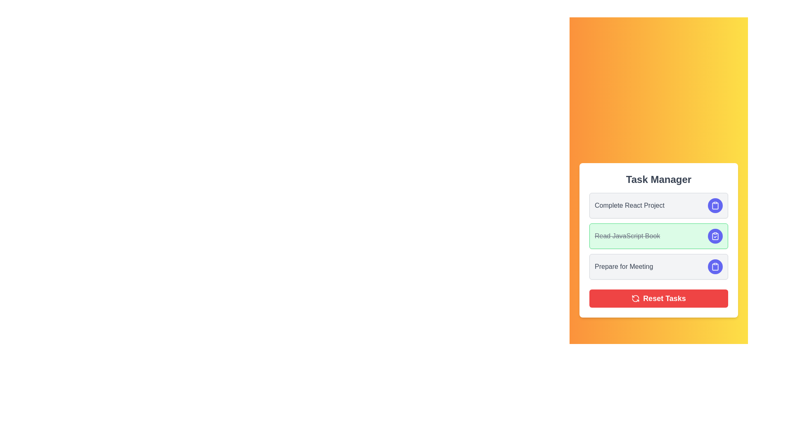  I want to click on the clipboard icon with a checkmark, which is located inside the second task entry of the task list, aligned to the right of the task text 'Read JavaScript Book', so click(715, 236).